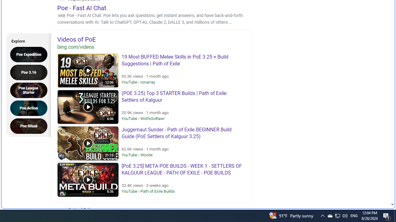 Image resolution: width=396 pixels, height=222 pixels. What do you see at coordinates (30, 108) in the screenshot?
I see `'Poe Action'` at bounding box center [30, 108].